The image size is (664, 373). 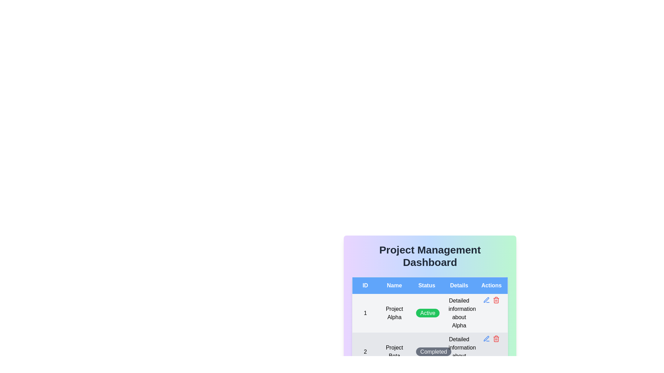 I want to click on the 'Details' text label in the fourth column of the table header, which features white text on a blue background and is aligned with other header cells, so click(x=459, y=285).